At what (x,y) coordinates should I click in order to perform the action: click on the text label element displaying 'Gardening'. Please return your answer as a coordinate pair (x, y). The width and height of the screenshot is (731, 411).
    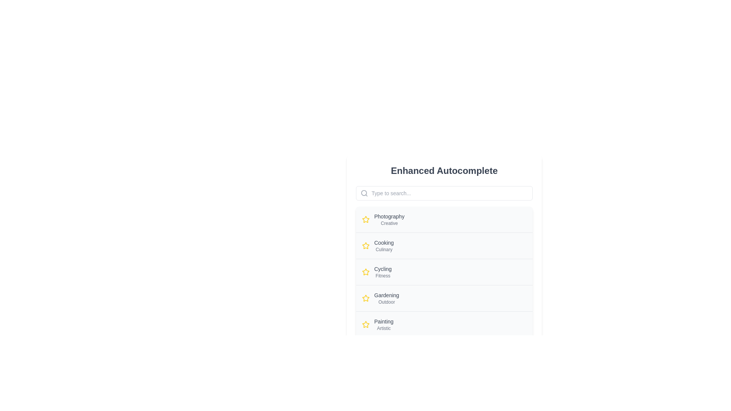
    Looking at the image, I should click on (386, 295).